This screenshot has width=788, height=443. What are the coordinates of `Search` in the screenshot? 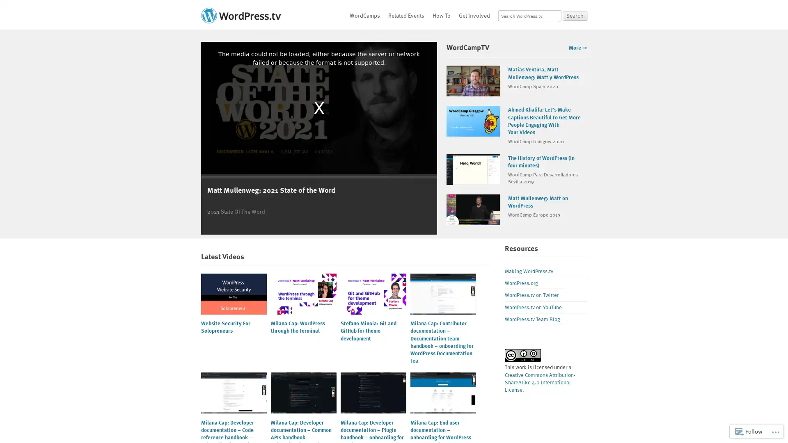 It's located at (575, 16).